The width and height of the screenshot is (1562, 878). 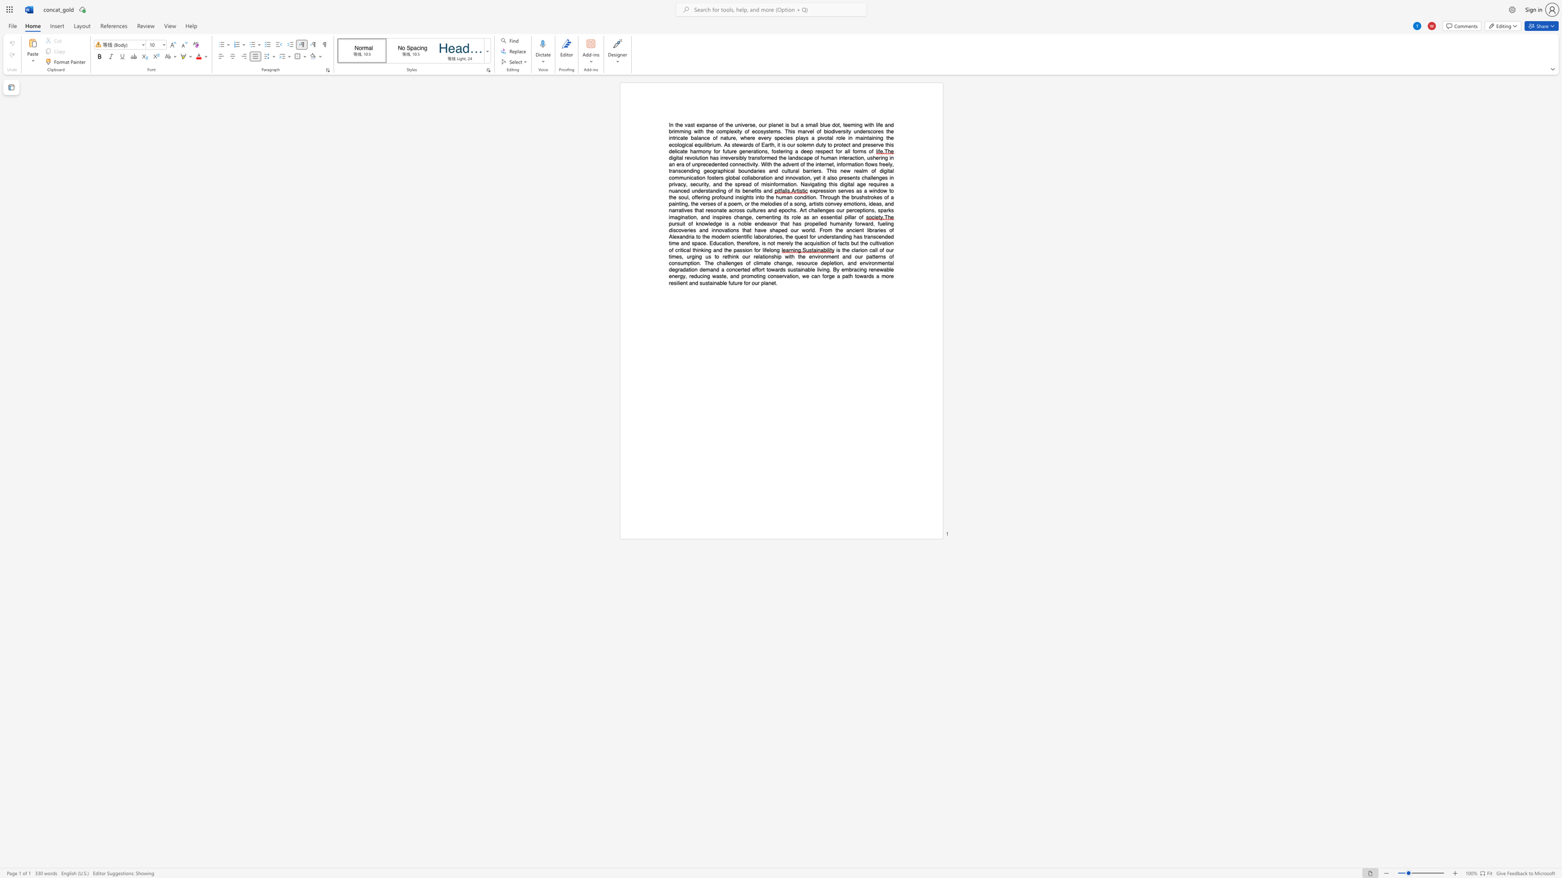 What do you see at coordinates (820, 236) in the screenshot?
I see `the subset text "nderstanding has" within the text "pursuit of knowledge is a noble endeavor that has propelled humanity forward, fueling discoveries and innovations that have shaped our world. From the ancient libraries of Alexandria to the modern scientific laboratories, the quest for understanding has transcended time and space. Education, therefore, is not merely the acquisition of facts but the cultivation of critical thinking and the passion for lifelong"` at bounding box center [820, 236].